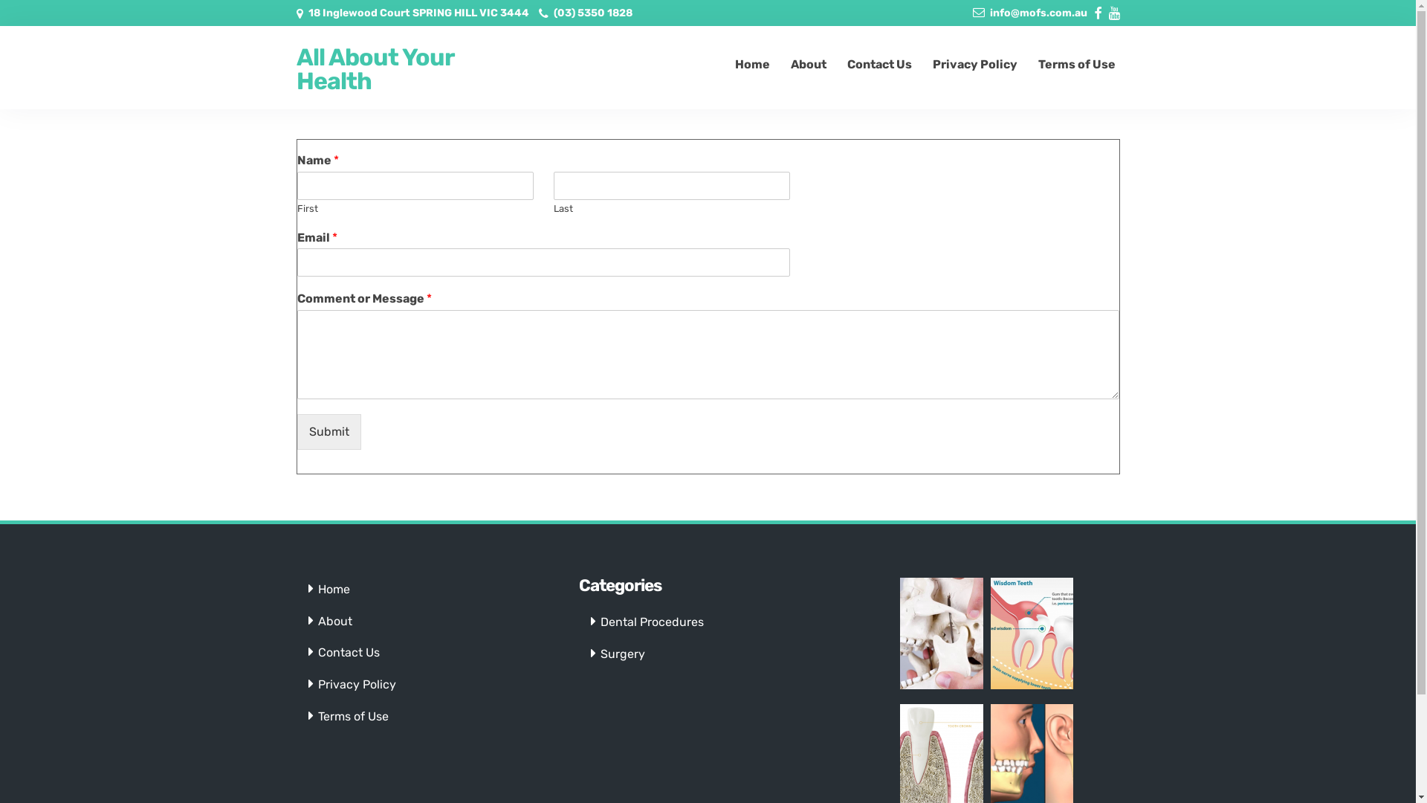 This screenshot has width=1427, height=803. Describe the element at coordinates (348, 651) in the screenshot. I see `'Contact Us'` at that location.